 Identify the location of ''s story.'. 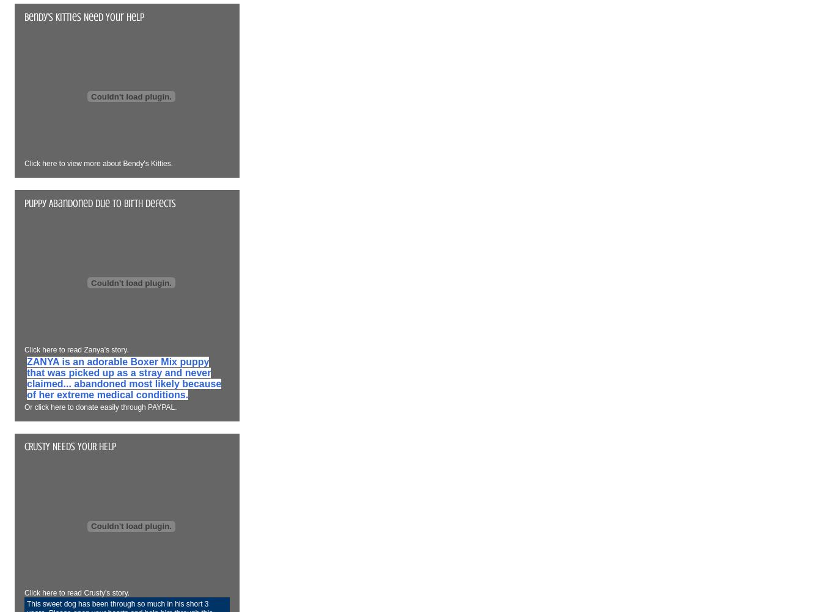
(116, 349).